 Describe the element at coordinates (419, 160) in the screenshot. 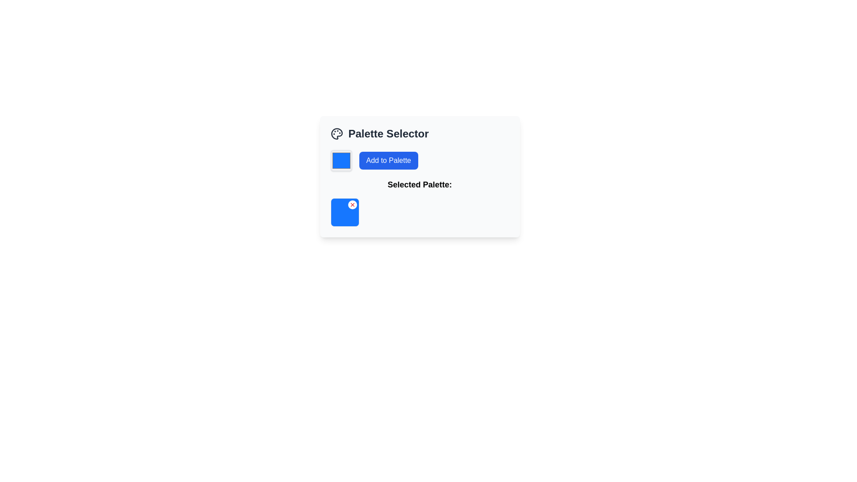

I see `the 'Add to Palette' button in the 'Palette Selector' section` at that location.